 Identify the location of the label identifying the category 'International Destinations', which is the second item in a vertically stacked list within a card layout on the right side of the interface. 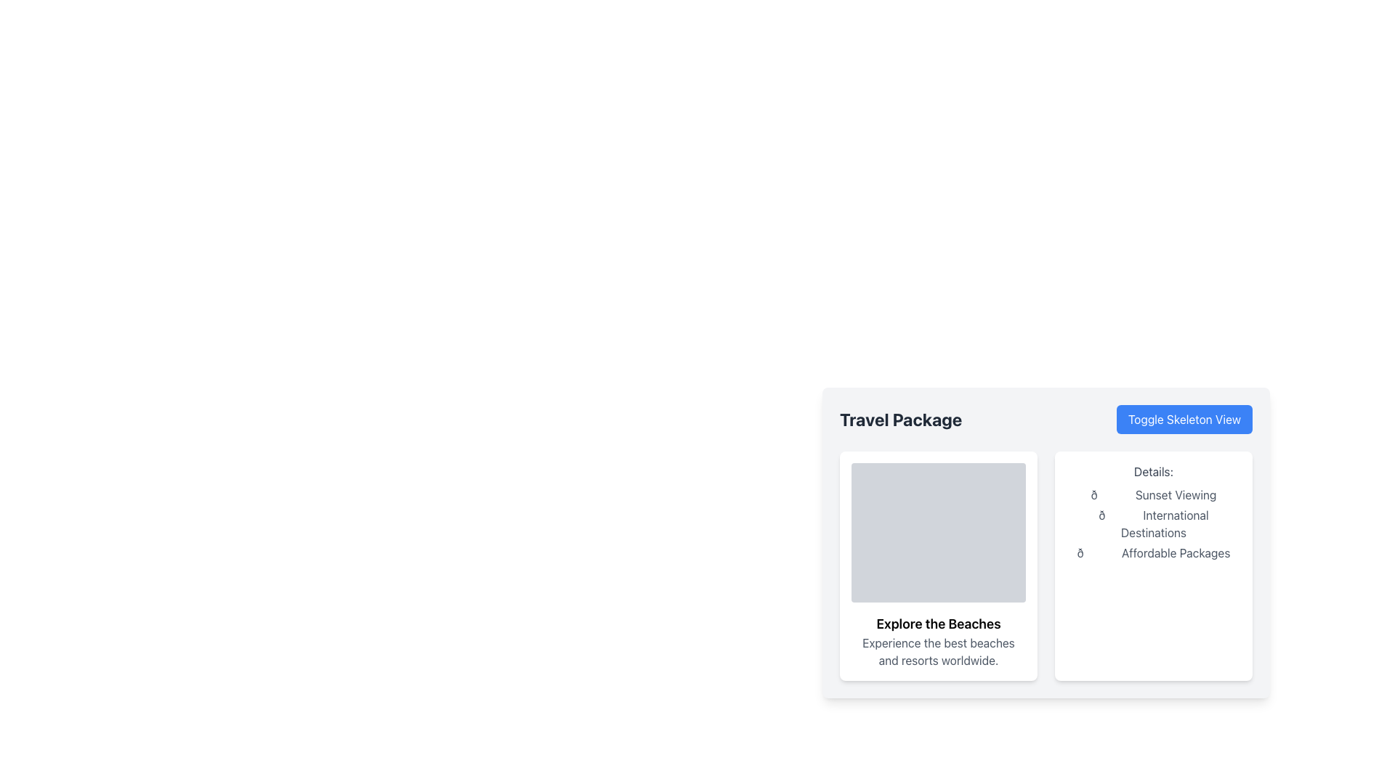
(1153, 523).